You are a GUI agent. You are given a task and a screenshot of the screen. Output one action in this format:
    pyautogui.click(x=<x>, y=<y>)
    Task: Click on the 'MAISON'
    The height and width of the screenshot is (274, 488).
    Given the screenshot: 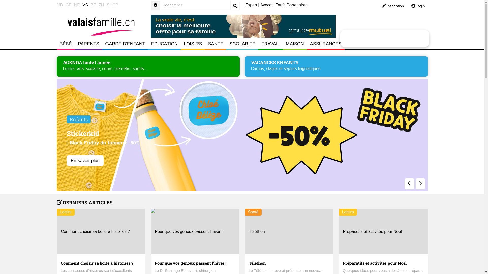 What is the action you would take?
    pyautogui.click(x=295, y=44)
    